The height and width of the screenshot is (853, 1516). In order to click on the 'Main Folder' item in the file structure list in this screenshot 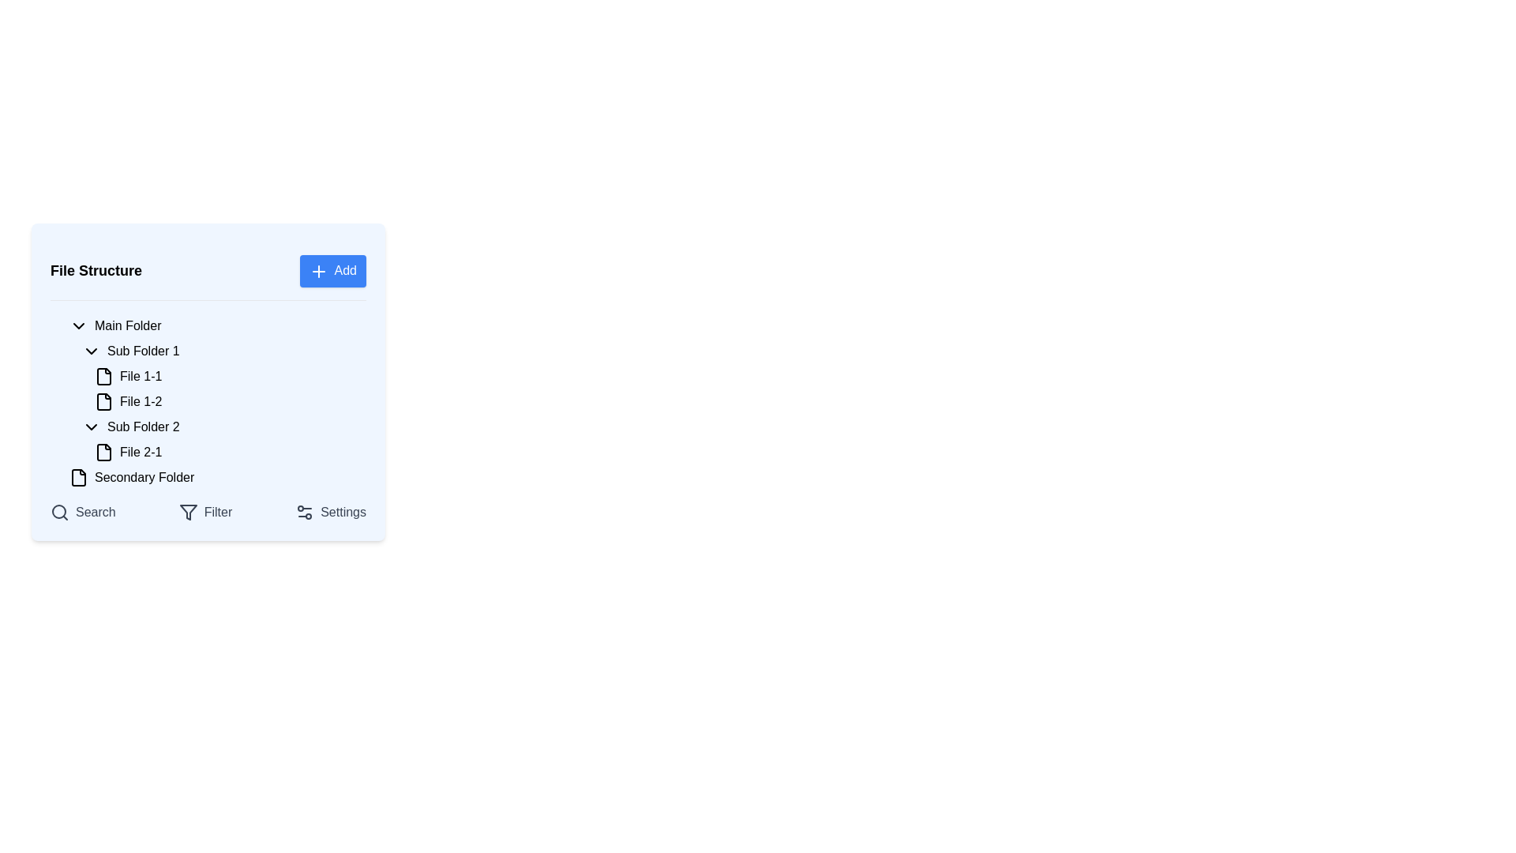, I will do `click(214, 325)`.